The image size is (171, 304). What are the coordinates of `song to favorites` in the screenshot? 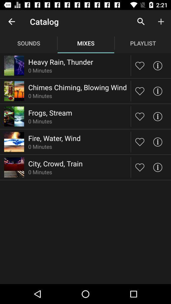 It's located at (140, 116).